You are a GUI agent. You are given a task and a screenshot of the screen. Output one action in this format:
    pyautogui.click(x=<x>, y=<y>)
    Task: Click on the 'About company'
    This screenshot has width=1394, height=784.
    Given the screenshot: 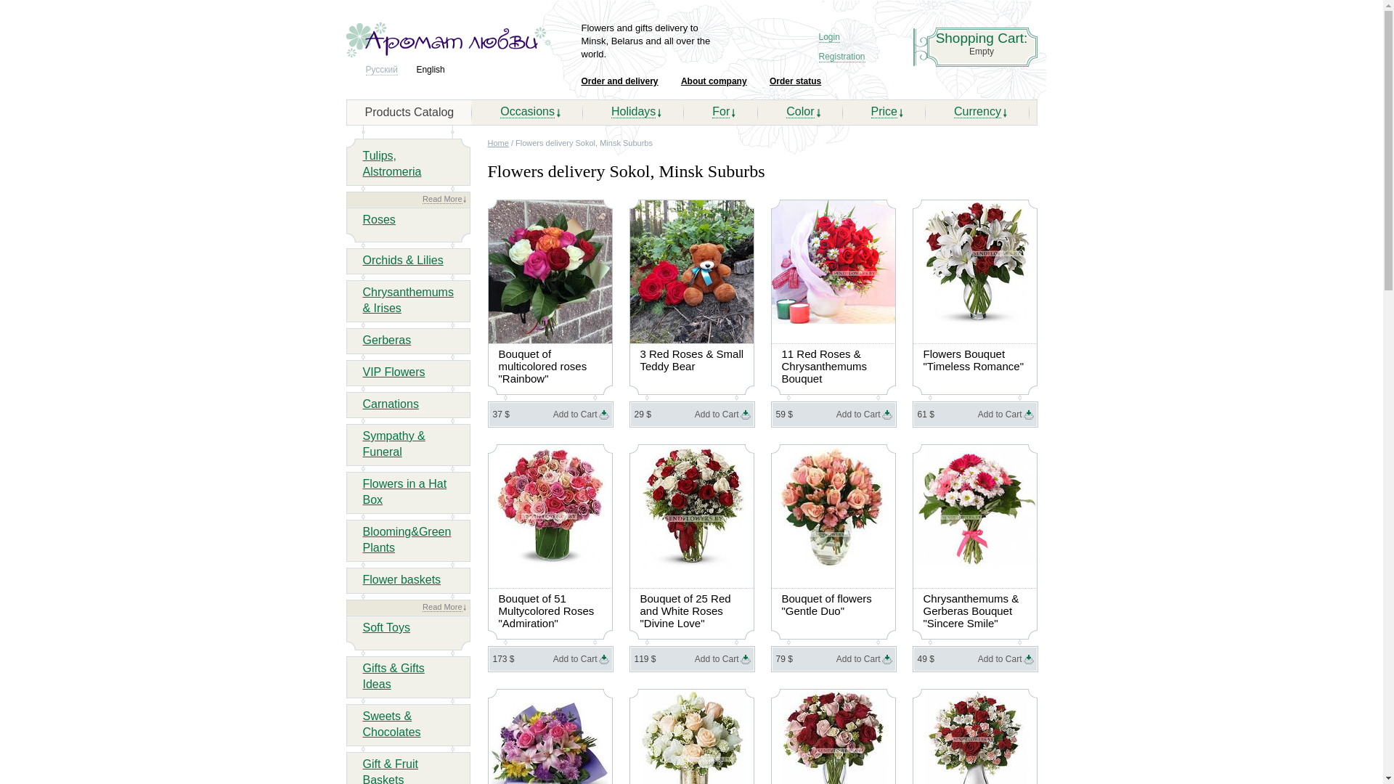 What is the action you would take?
    pyautogui.click(x=714, y=81)
    